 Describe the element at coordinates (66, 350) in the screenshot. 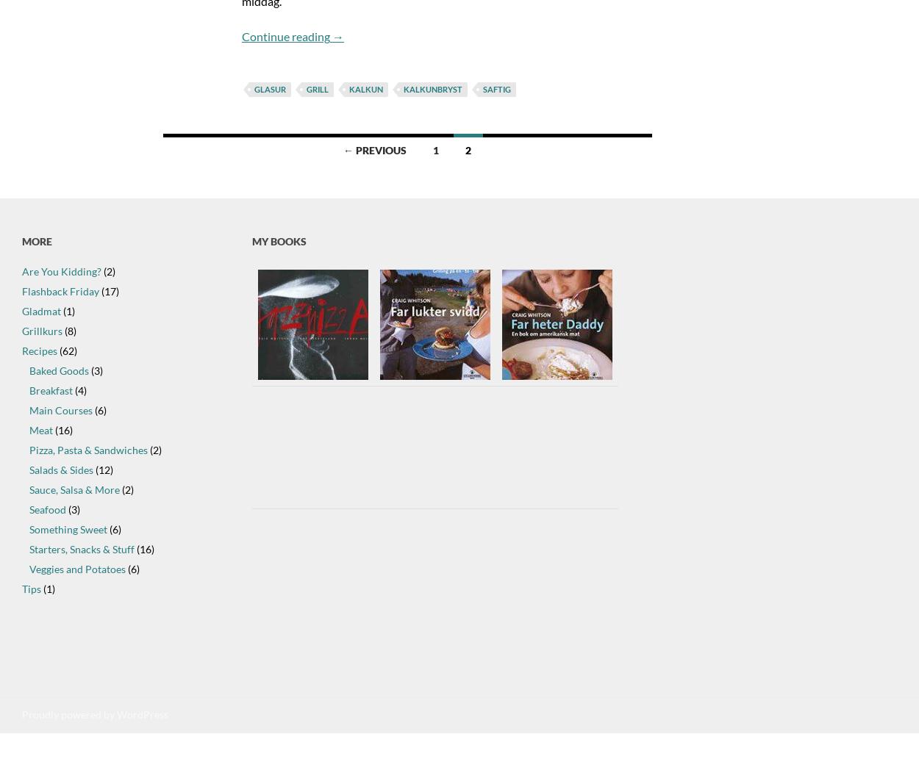

I see `'(62)'` at that location.